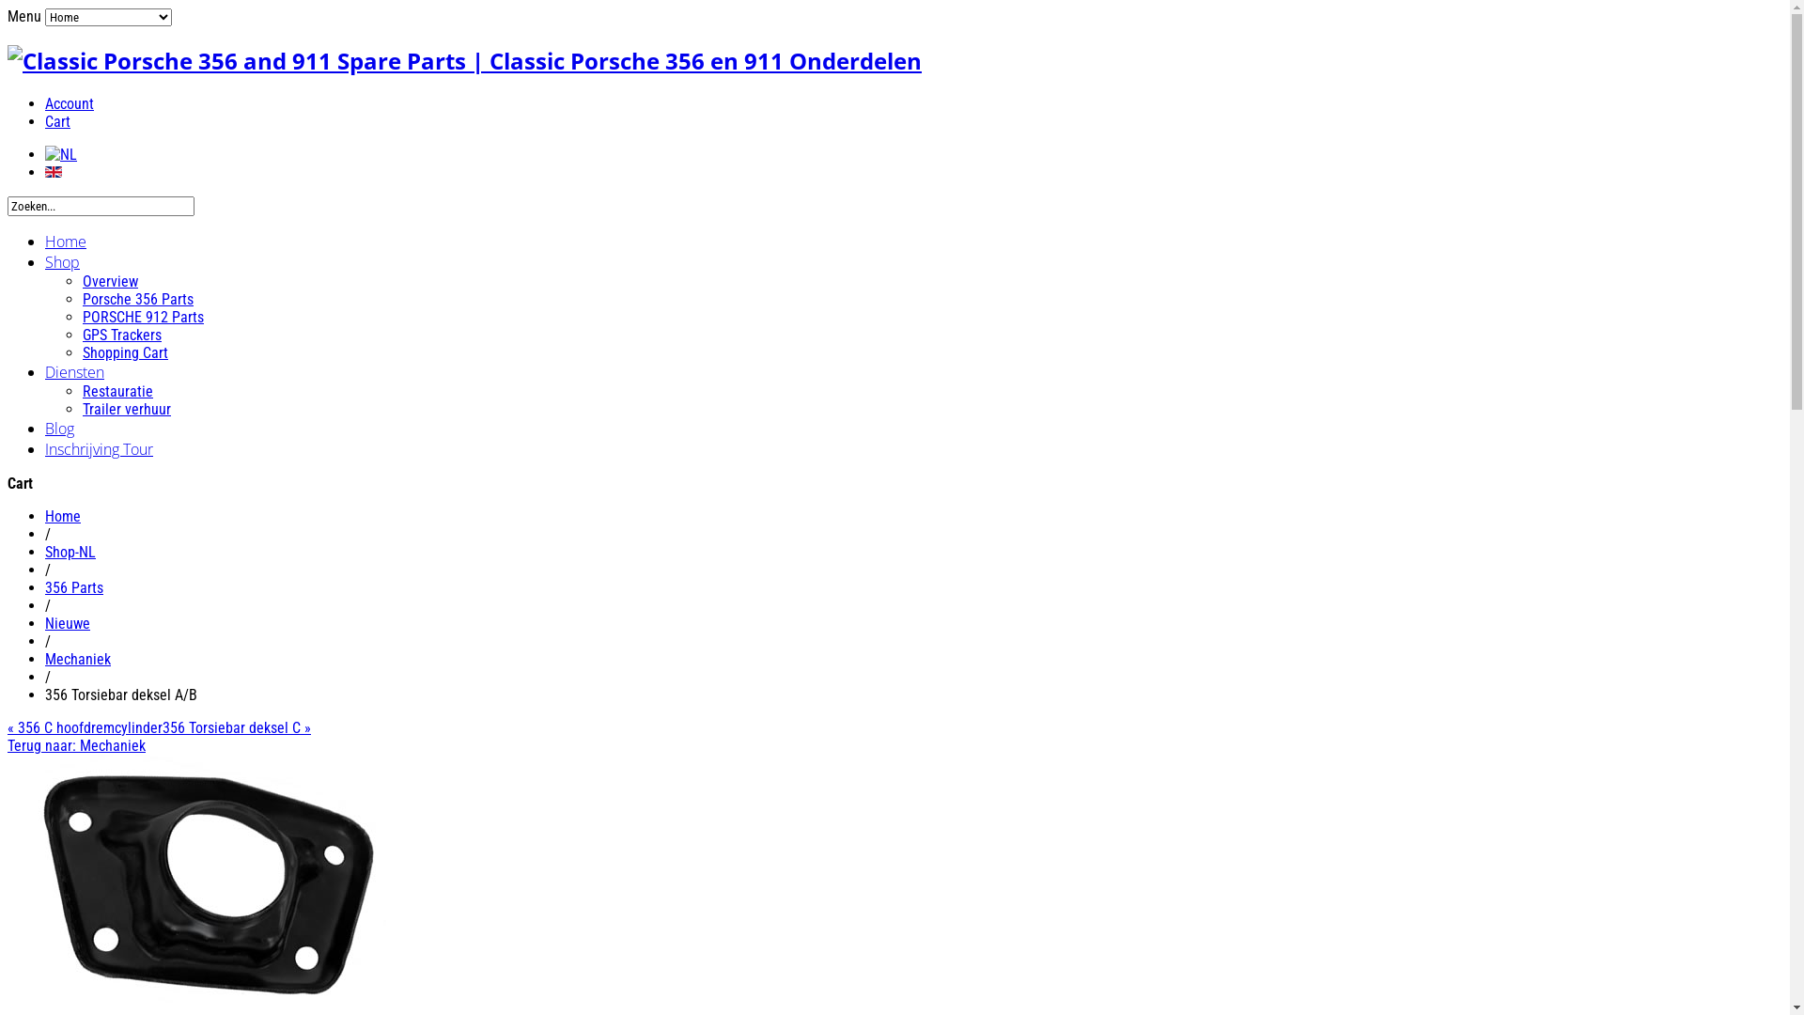  Describe the element at coordinates (61, 153) in the screenshot. I see `'NL'` at that location.